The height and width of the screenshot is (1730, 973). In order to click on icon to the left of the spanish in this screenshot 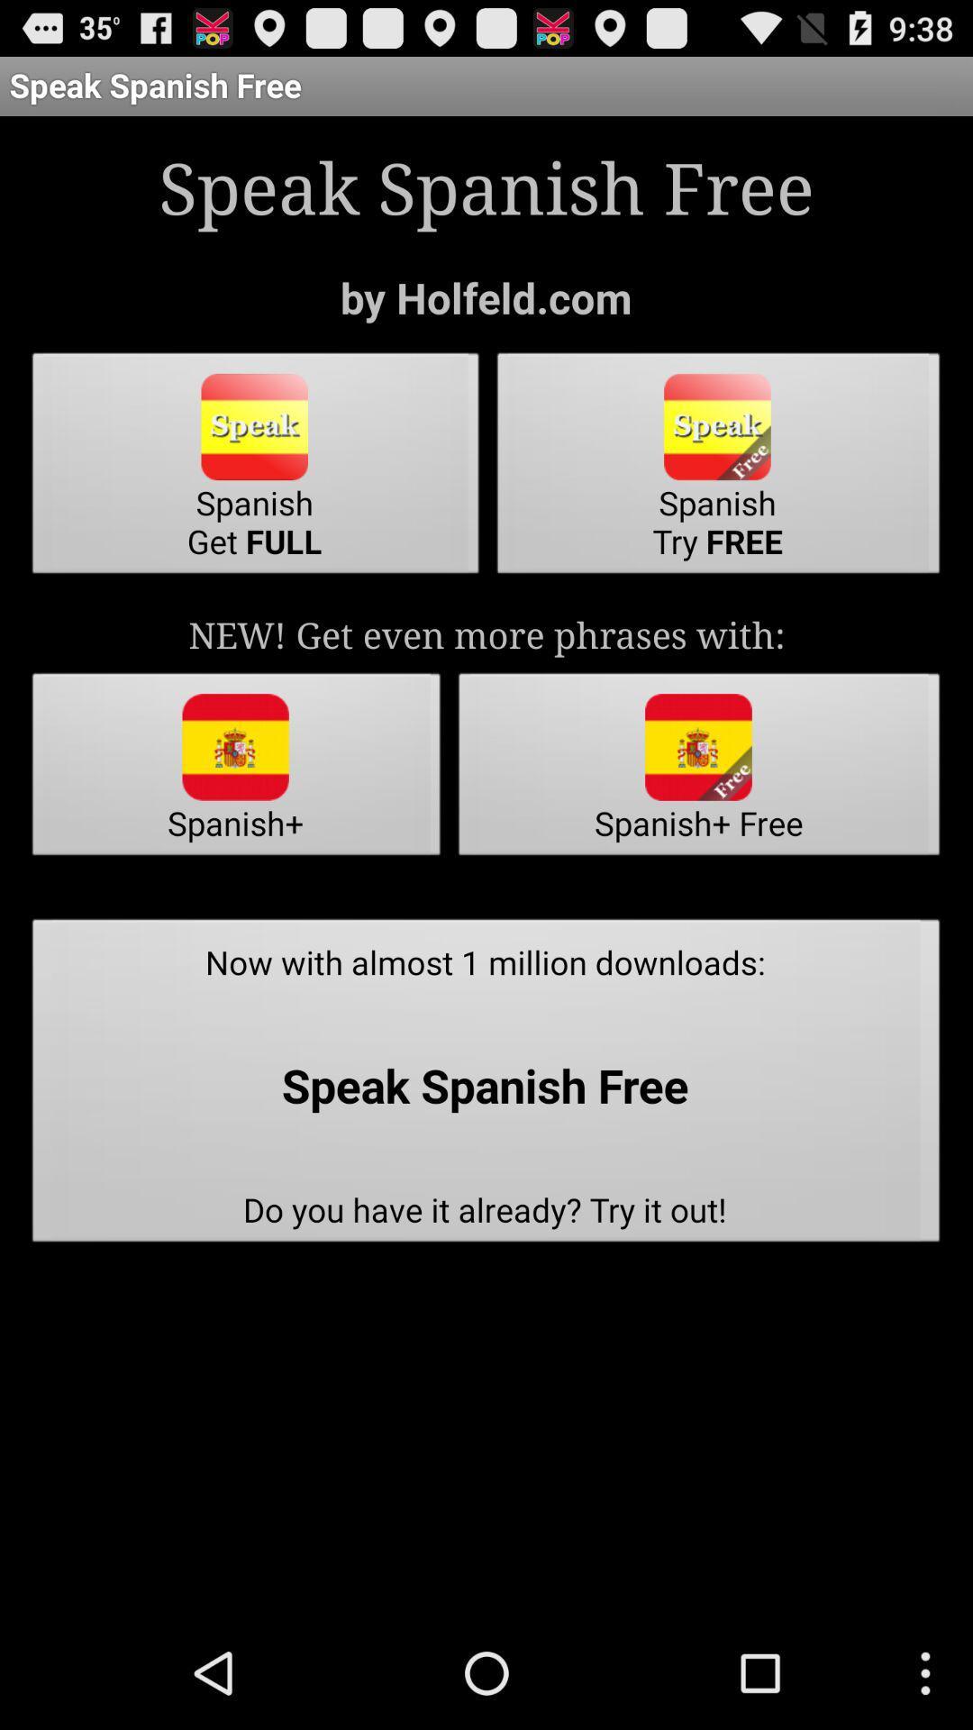, I will do `click(256, 469)`.